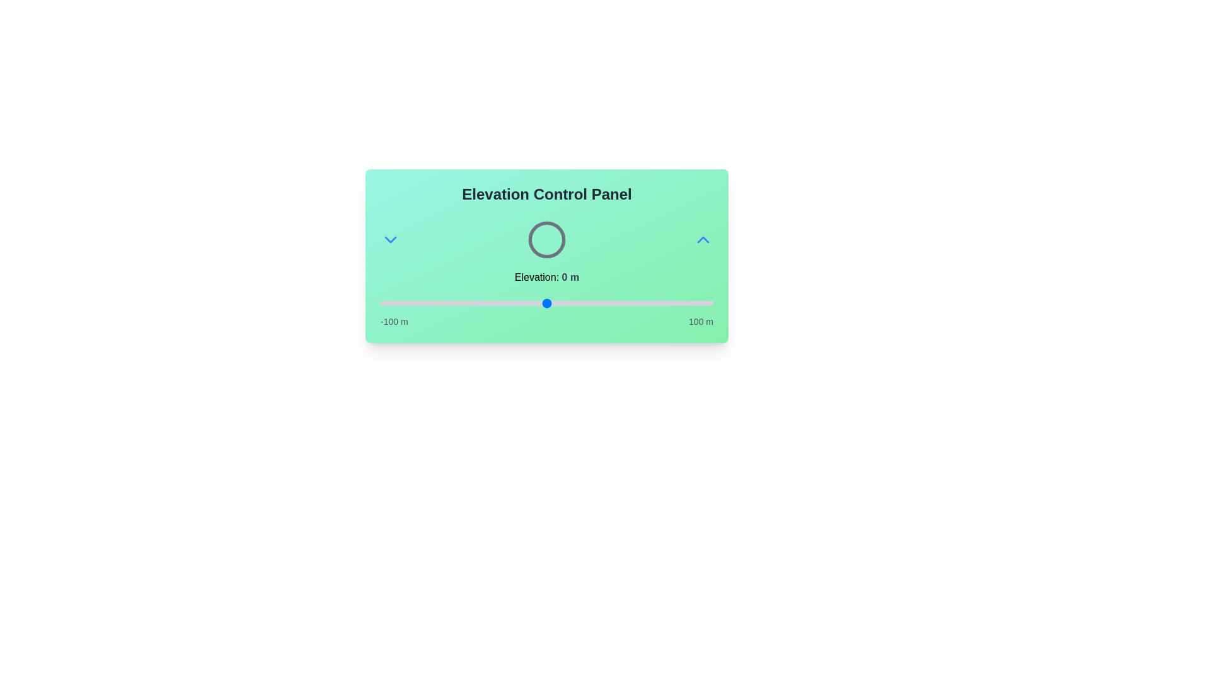  Describe the element at coordinates (653, 303) in the screenshot. I see `the elevation to 64 meters using the slider` at that location.